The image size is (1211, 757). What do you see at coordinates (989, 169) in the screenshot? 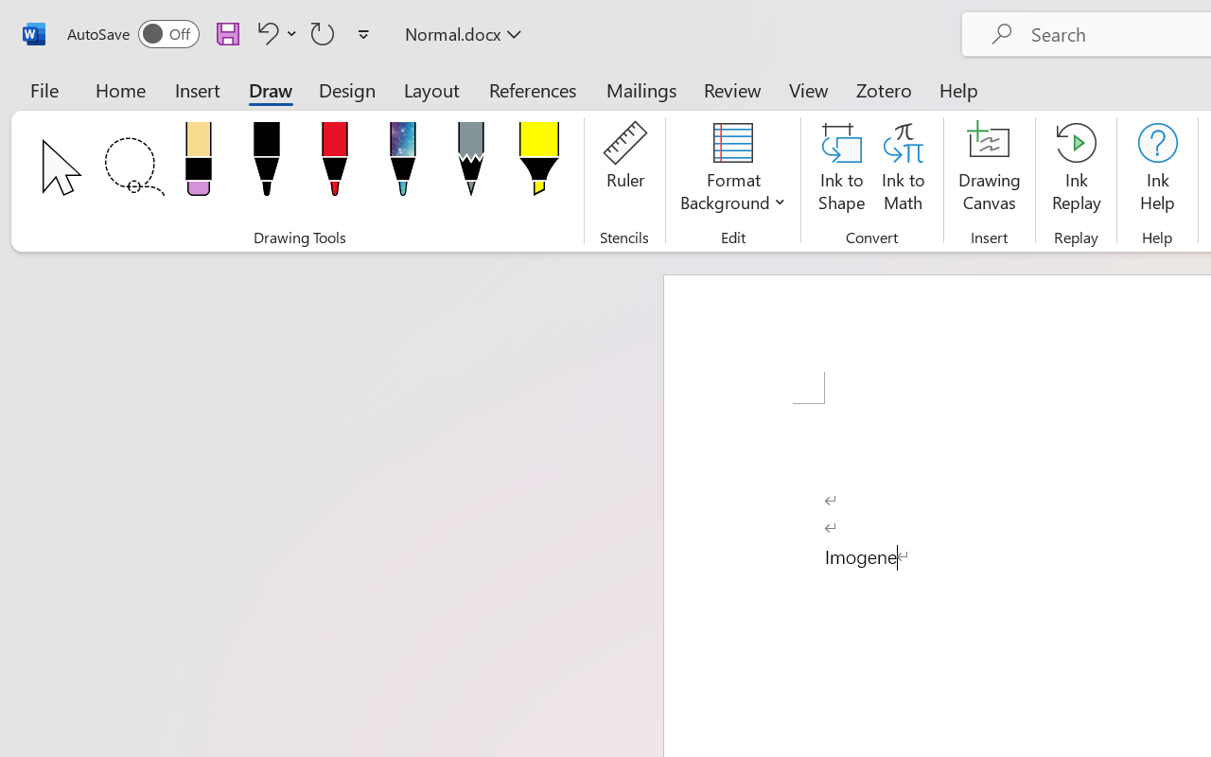
I see `'Drawing Canvas'` at bounding box center [989, 169].